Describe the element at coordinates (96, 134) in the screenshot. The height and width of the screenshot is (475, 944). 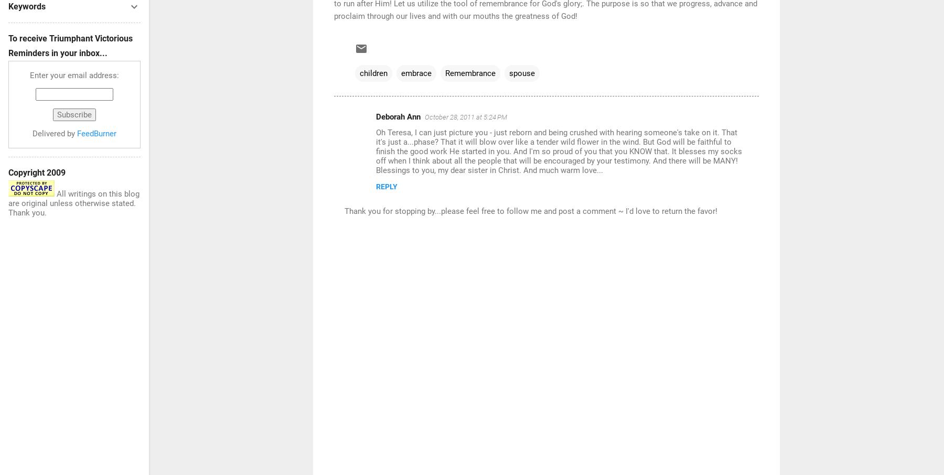
I see `'FeedBurner'` at that location.